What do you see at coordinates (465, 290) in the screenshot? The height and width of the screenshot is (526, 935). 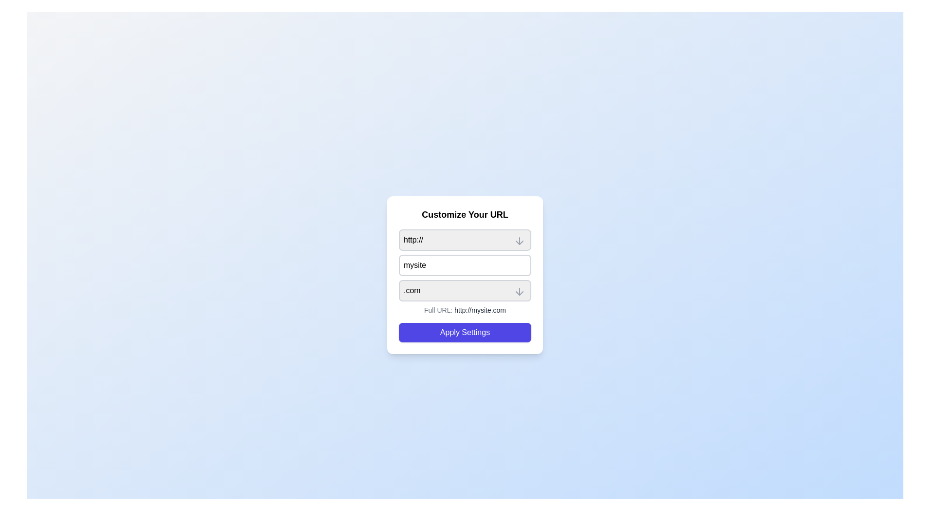 I see `the dropdown menu displaying '.com' in the 'Customize Your URL' form` at bounding box center [465, 290].